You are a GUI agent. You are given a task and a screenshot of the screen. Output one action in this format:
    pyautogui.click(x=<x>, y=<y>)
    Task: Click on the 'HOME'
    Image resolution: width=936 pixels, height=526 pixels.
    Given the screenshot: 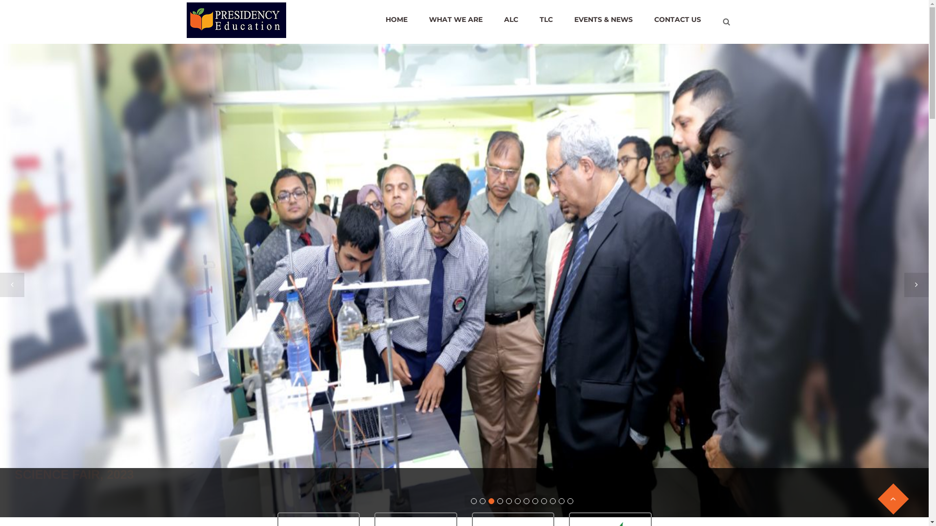 What is the action you would take?
    pyautogui.click(x=374, y=19)
    